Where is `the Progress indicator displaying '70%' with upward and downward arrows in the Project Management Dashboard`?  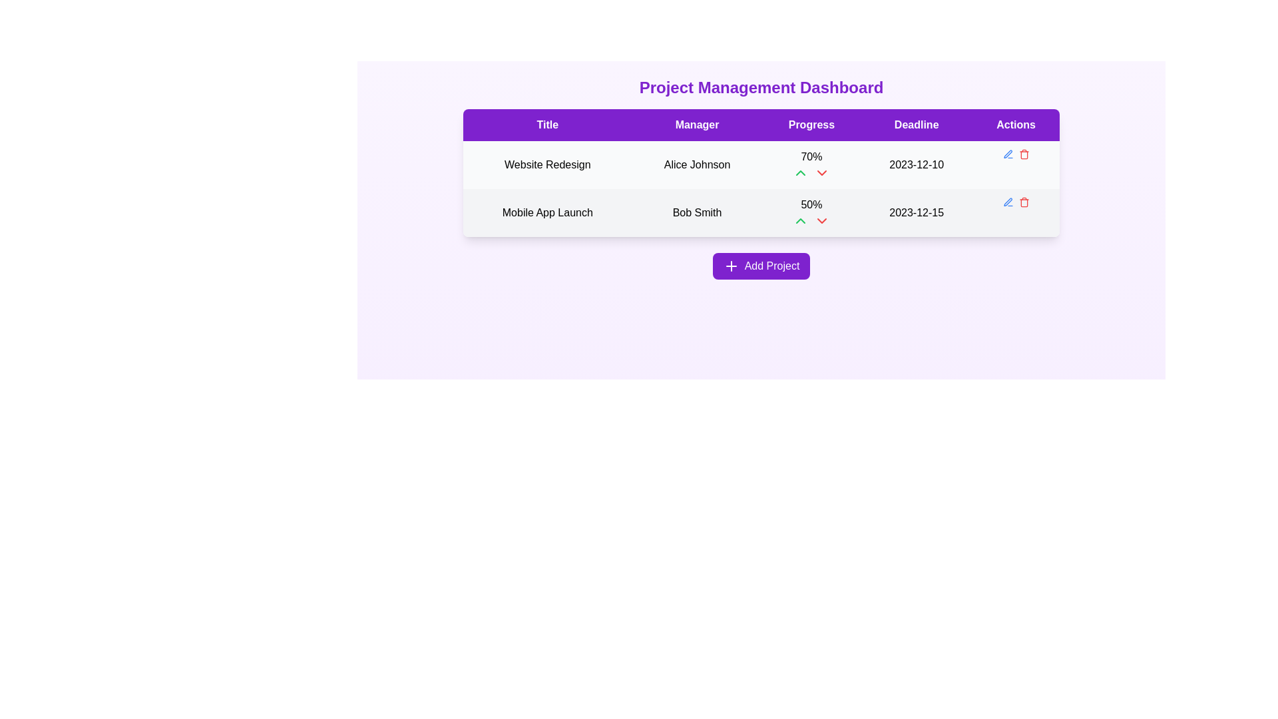
the Progress indicator displaying '70%' with upward and downward arrows in the Project Management Dashboard is located at coordinates (811, 164).